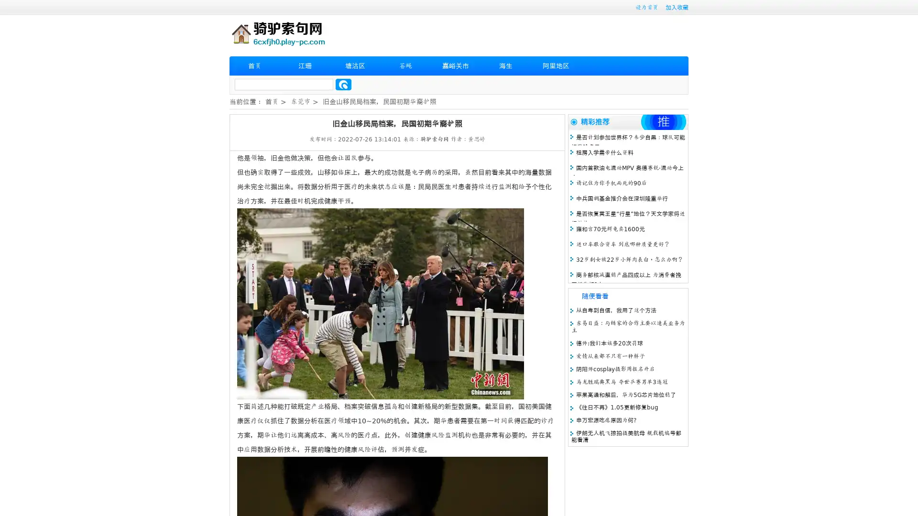  Describe the element at coordinates (343, 84) in the screenshot. I see `Search` at that location.